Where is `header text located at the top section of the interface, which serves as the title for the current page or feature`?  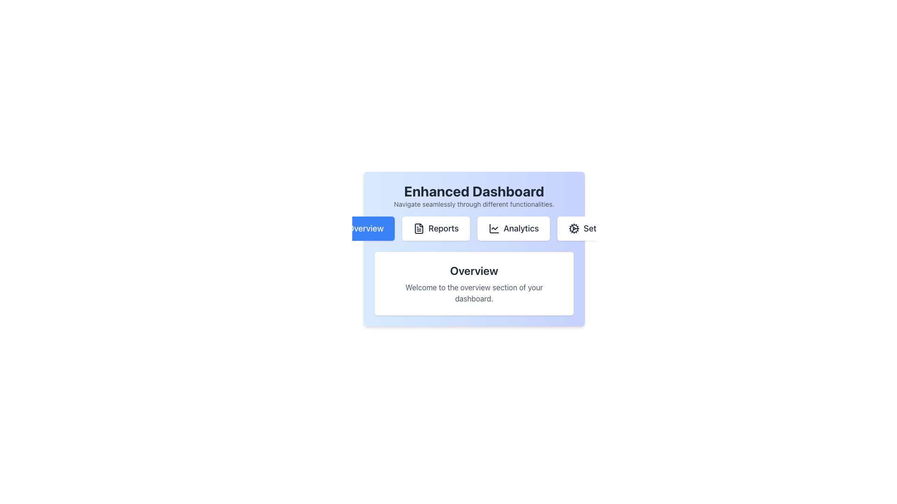 header text located at the top section of the interface, which serves as the title for the current page or feature is located at coordinates (474, 190).